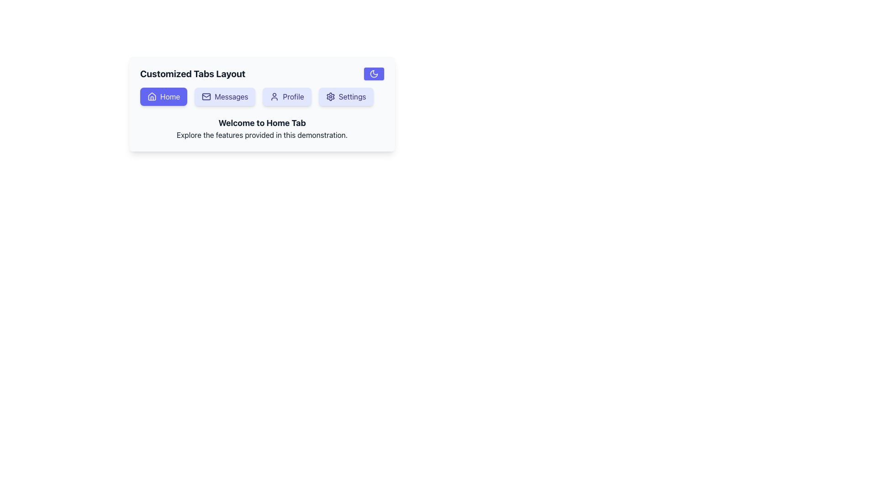  What do you see at coordinates (225, 97) in the screenshot?
I see `the 'Messages' button located` at bounding box center [225, 97].